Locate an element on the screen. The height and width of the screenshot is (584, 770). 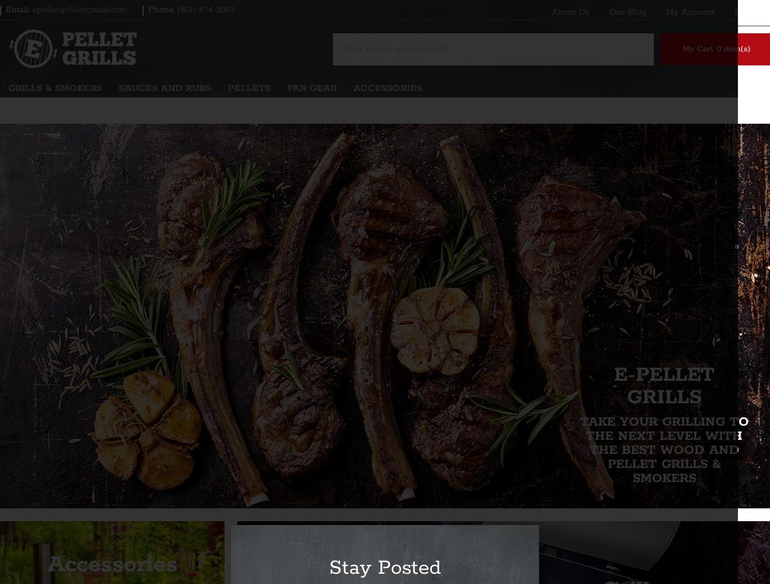
'Log In' is located at coordinates (746, 12).